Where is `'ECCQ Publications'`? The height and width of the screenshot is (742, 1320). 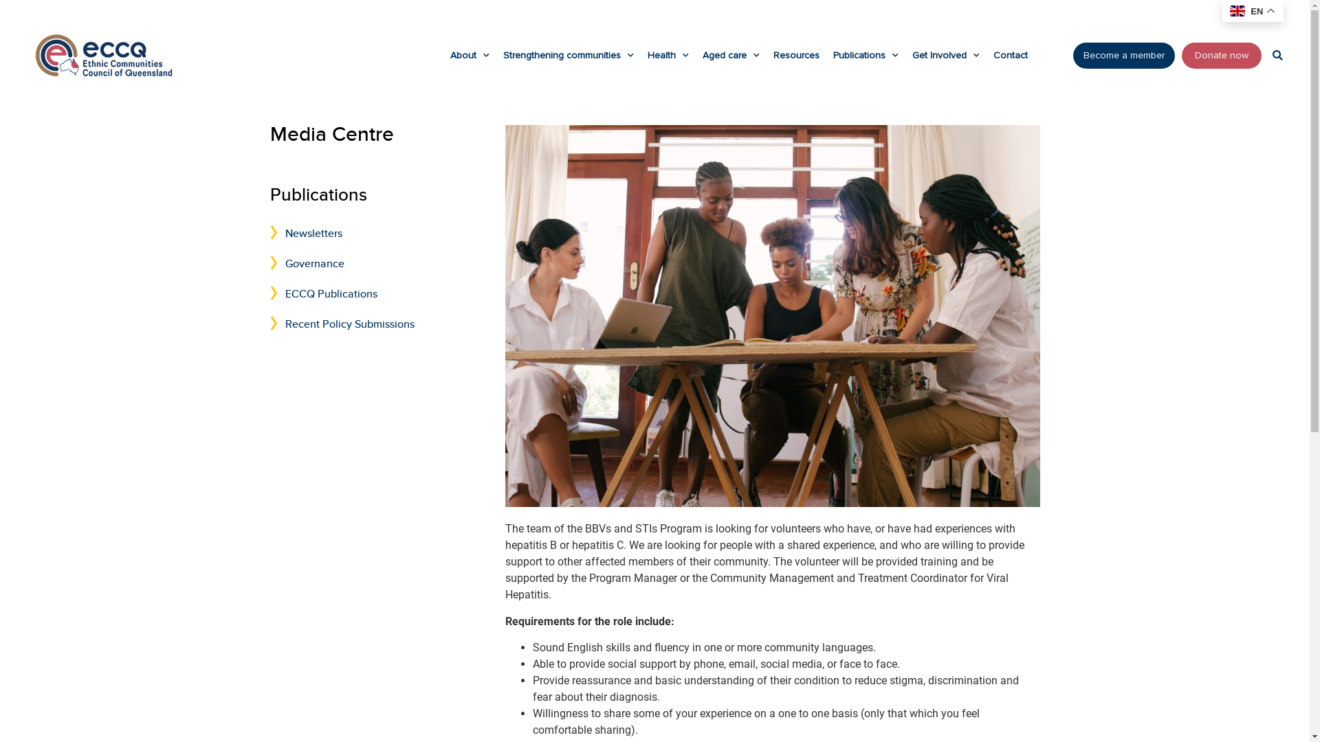 'ECCQ Publications' is located at coordinates (379, 293).